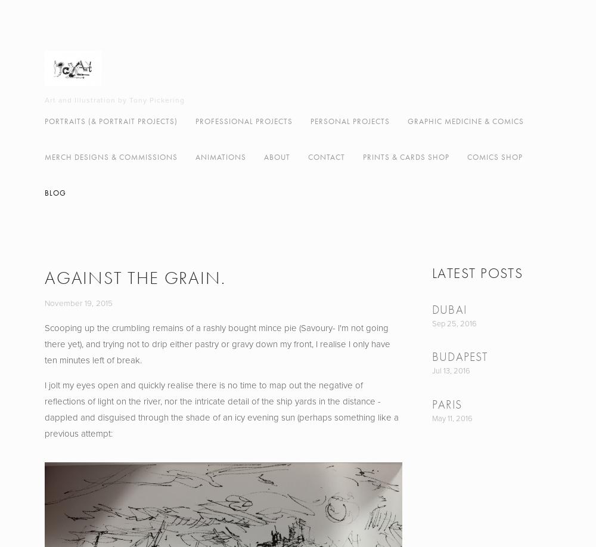 The width and height of the screenshot is (596, 547). Describe the element at coordinates (449, 309) in the screenshot. I see `'Dubai'` at that location.